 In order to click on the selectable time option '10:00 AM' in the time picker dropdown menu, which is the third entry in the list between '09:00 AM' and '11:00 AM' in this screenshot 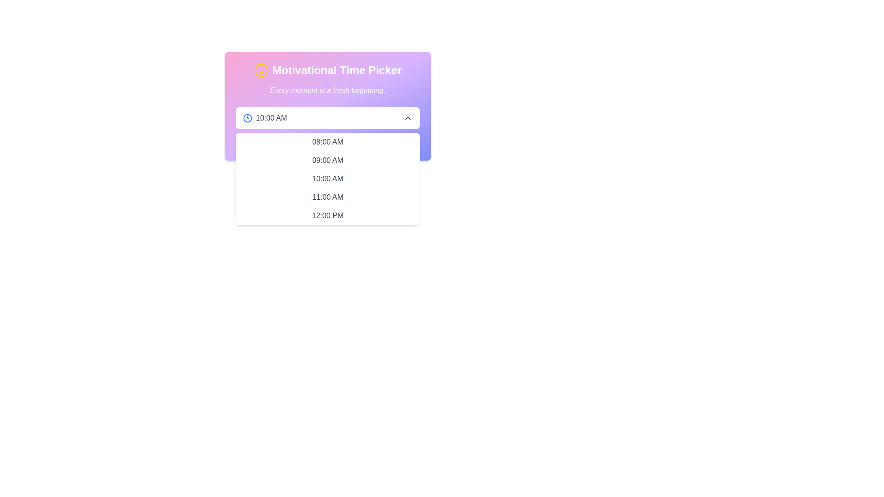, I will do `click(327, 179)`.